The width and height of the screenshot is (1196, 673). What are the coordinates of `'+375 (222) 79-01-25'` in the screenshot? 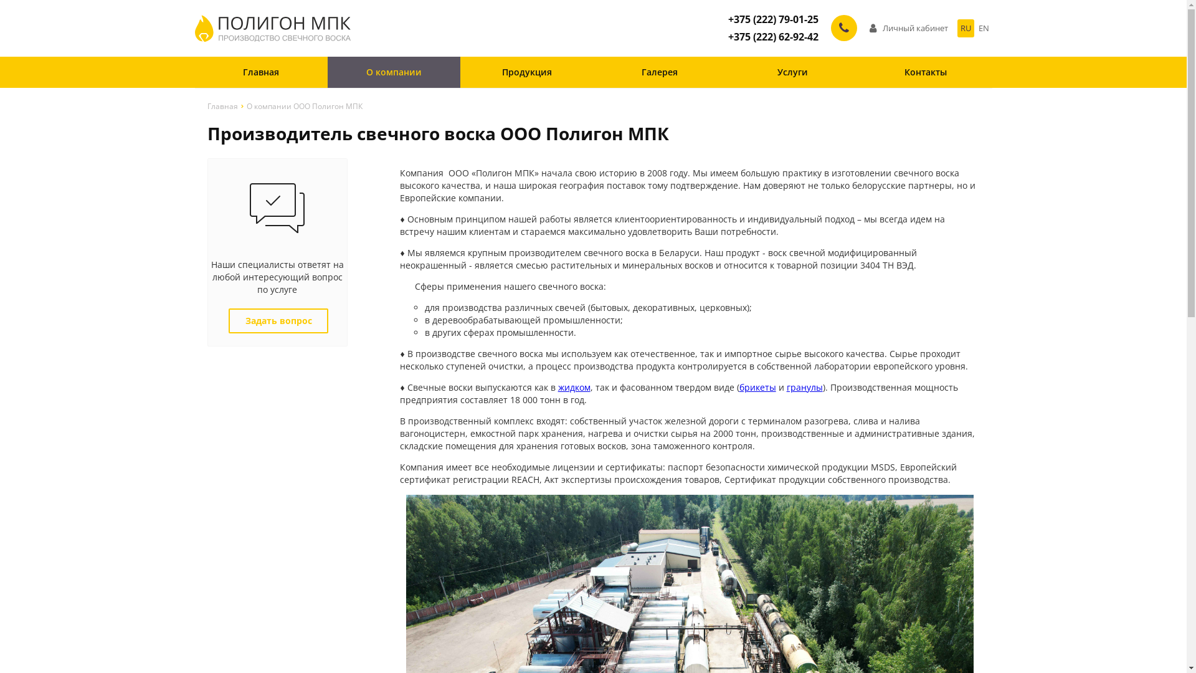 It's located at (772, 19).